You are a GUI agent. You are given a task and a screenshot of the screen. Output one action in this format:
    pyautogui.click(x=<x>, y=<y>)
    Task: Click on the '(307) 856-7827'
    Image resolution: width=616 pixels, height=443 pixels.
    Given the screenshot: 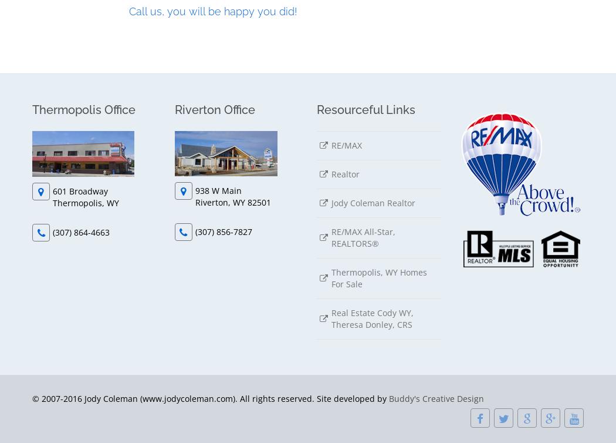 What is the action you would take?
    pyautogui.click(x=195, y=231)
    